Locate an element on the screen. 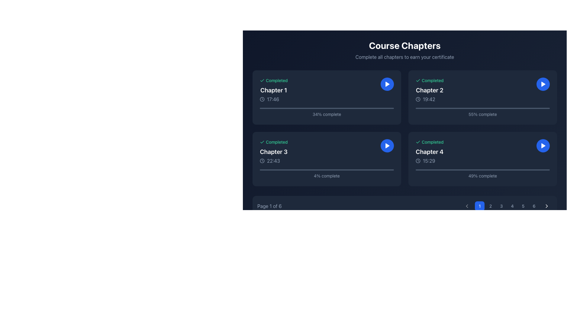 The image size is (580, 326). the static text displaying '15:29' styled in light gray color next to a clock icon, located in the fourth chapter card at the bottom right of the dark blue interface is located at coordinates (429, 160).